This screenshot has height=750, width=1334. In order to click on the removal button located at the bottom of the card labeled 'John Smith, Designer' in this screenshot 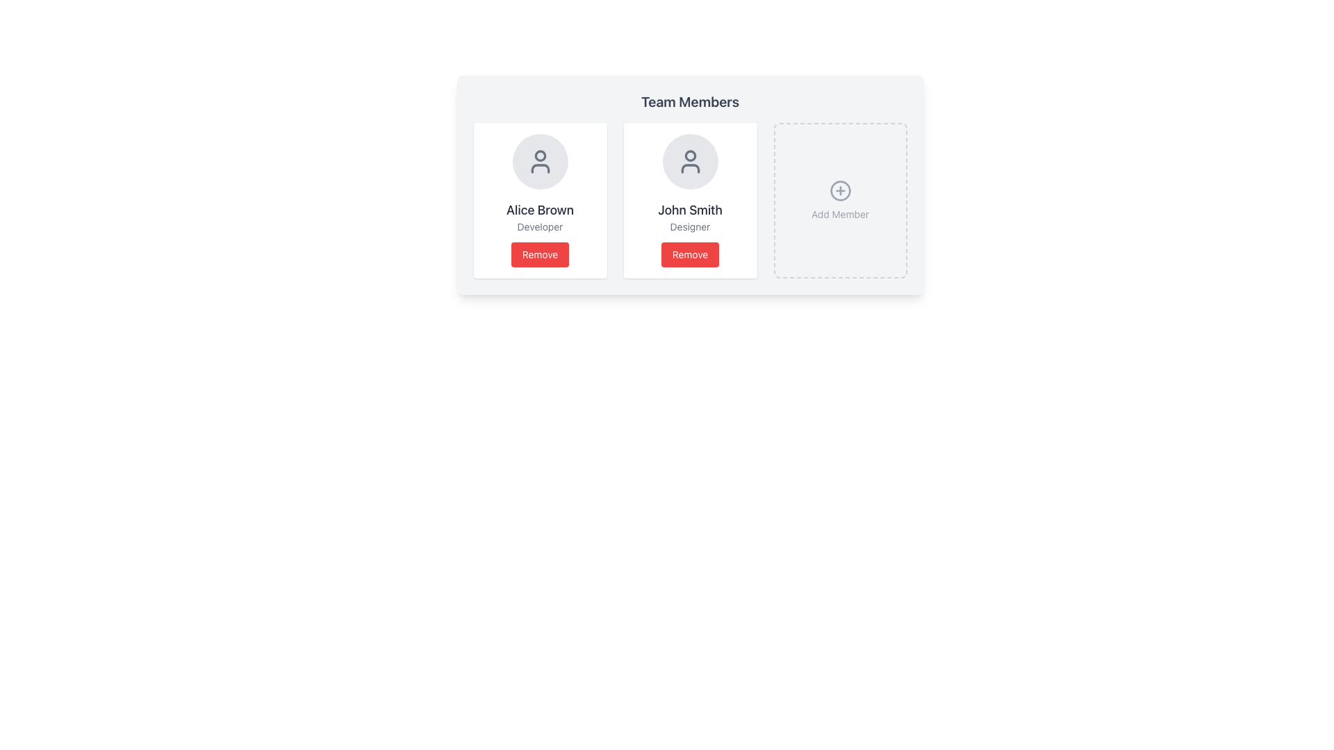, I will do `click(690, 254)`.